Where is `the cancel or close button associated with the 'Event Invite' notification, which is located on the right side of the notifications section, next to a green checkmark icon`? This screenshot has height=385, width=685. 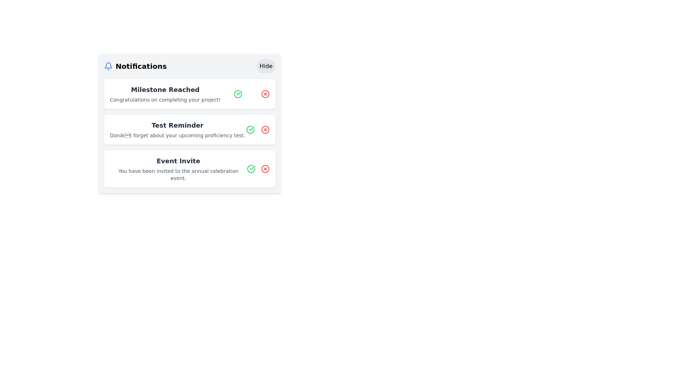 the cancel or close button associated with the 'Event Invite' notification, which is located on the right side of the notifications section, next to a green checkmark icon is located at coordinates (265, 169).